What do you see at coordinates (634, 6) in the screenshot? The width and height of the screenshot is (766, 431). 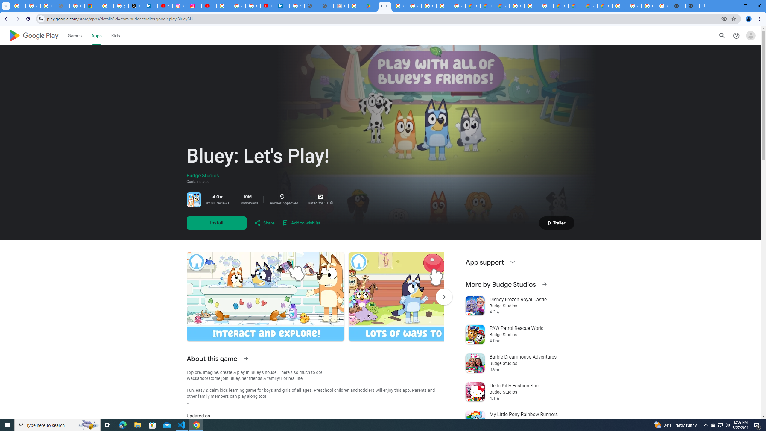 I see `'Google Cloud Platform'` at bounding box center [634, 6].